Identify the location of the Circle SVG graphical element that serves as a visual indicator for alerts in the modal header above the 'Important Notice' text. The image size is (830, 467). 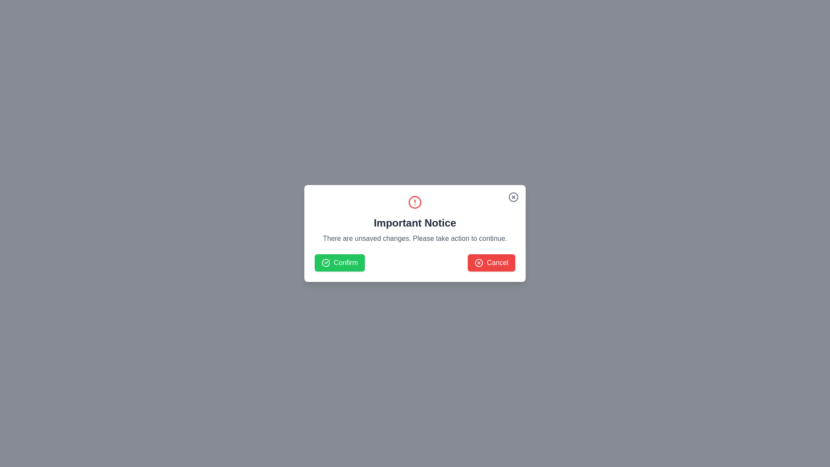
(479, 262).